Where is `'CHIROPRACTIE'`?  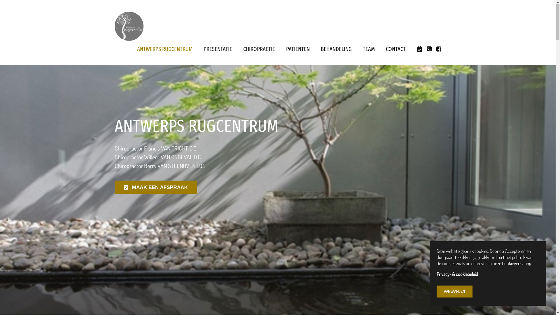 'CHIROPRACTIE' is located at coordinates (259, 49).